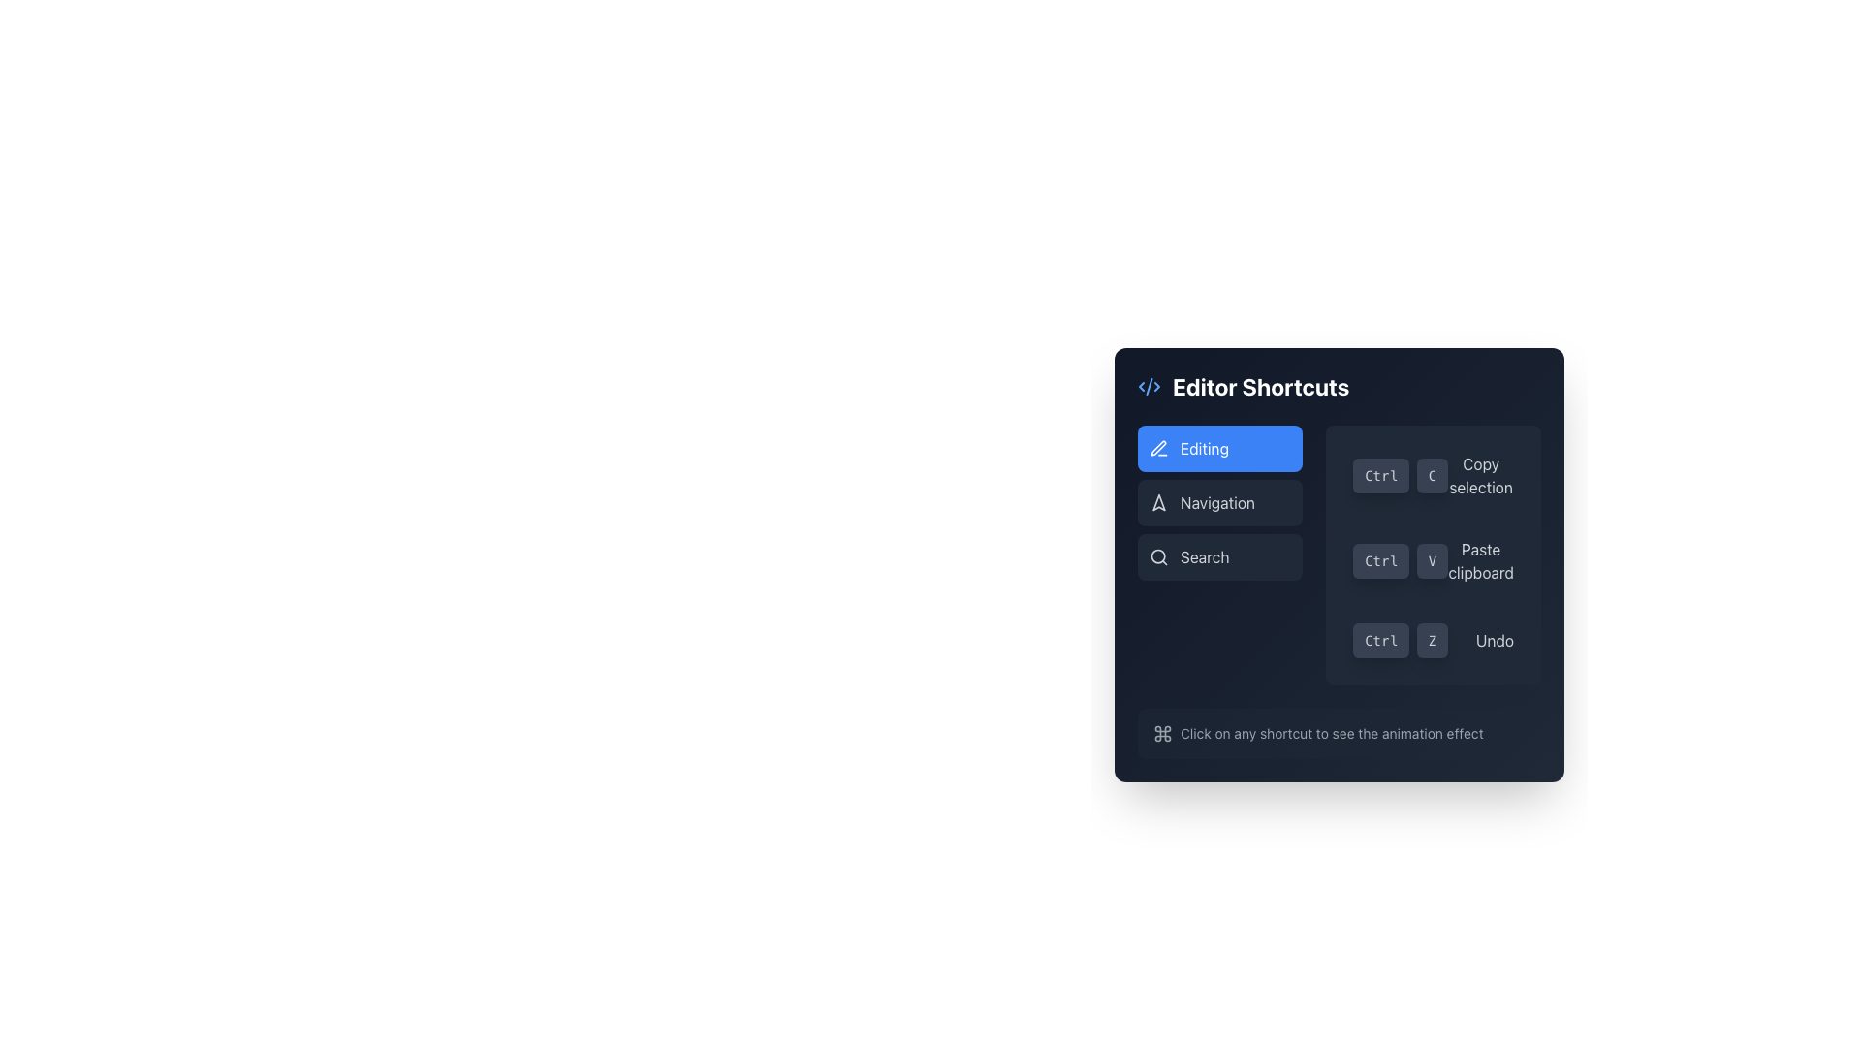  I want to click on text of the 'Navigation' label located in the left section of the modal view under 'Editor Shortcuts', positioned between 'Editing' and 'Search', so click(1216, 502).